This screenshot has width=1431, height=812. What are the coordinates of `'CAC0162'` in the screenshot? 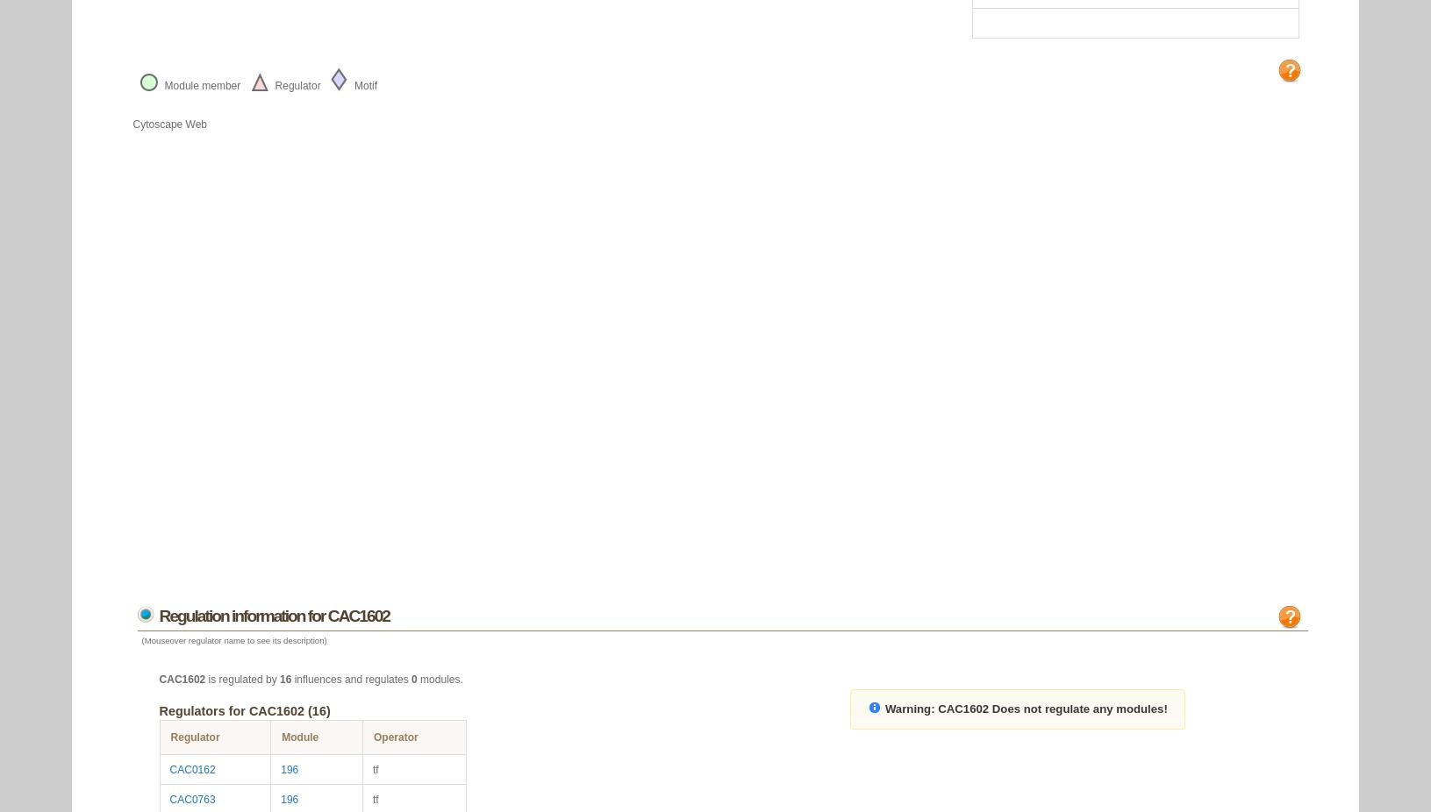 It's located at (192, 769).